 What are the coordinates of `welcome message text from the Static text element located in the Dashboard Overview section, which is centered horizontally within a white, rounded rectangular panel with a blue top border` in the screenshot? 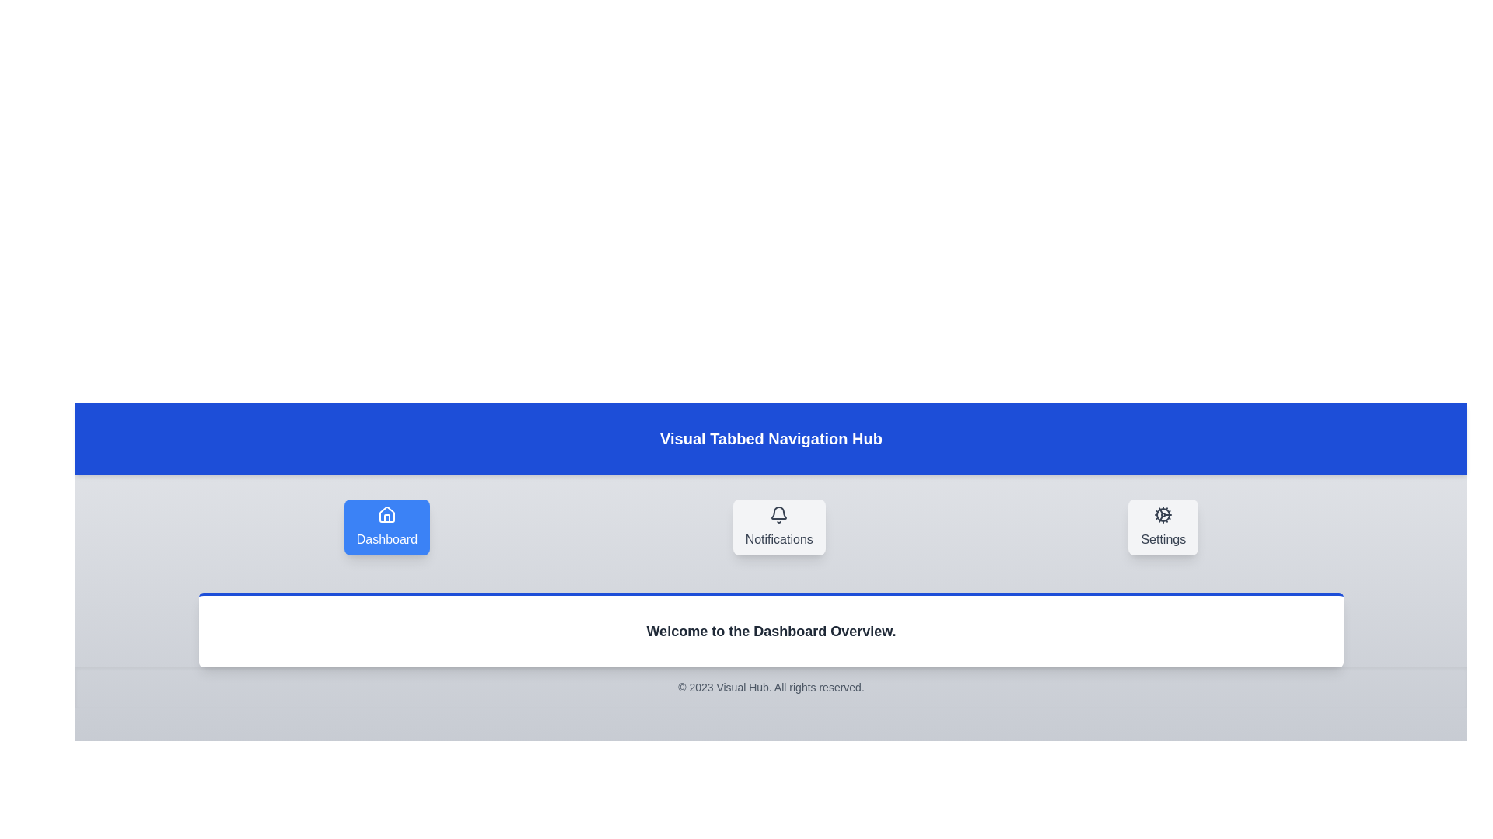 It's located at (771, 632).